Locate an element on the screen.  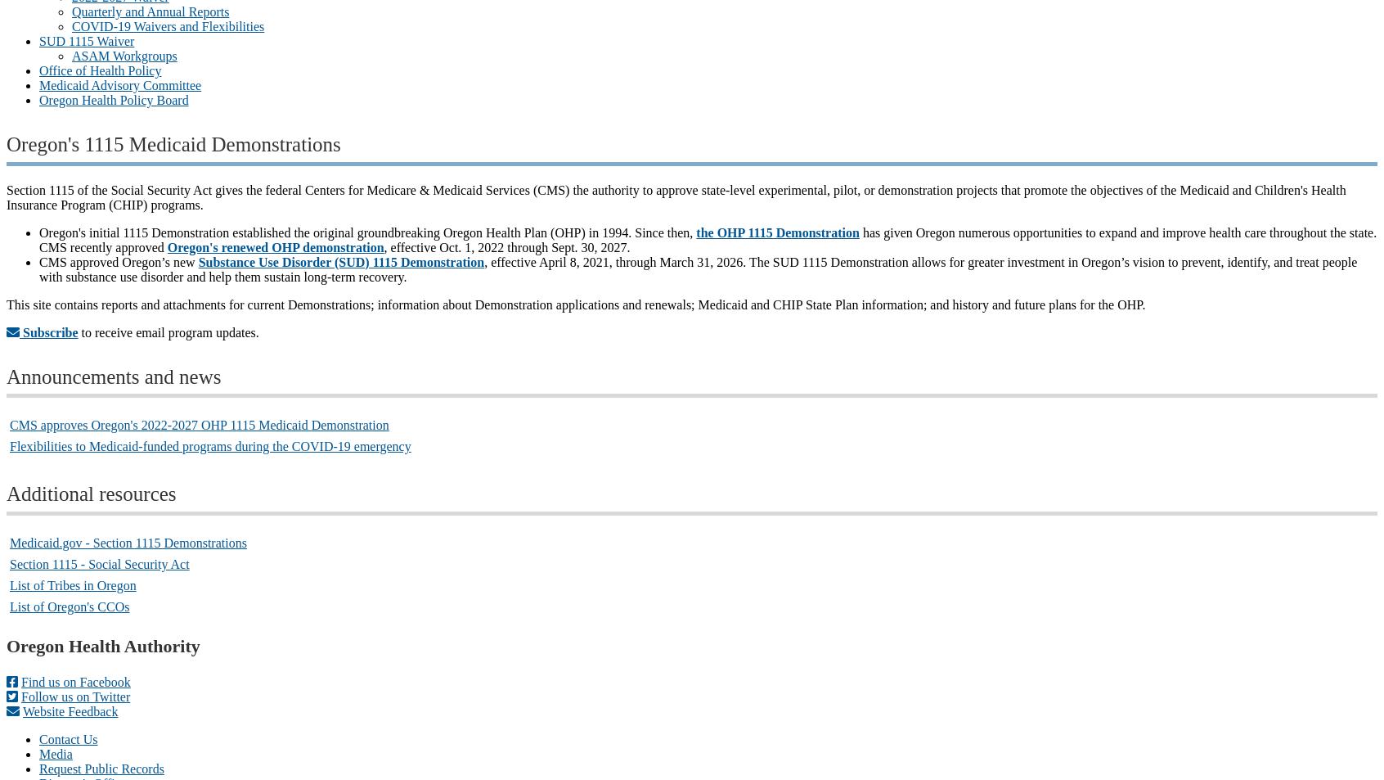
'Request Public Records' is located at coordinates (101, 768).